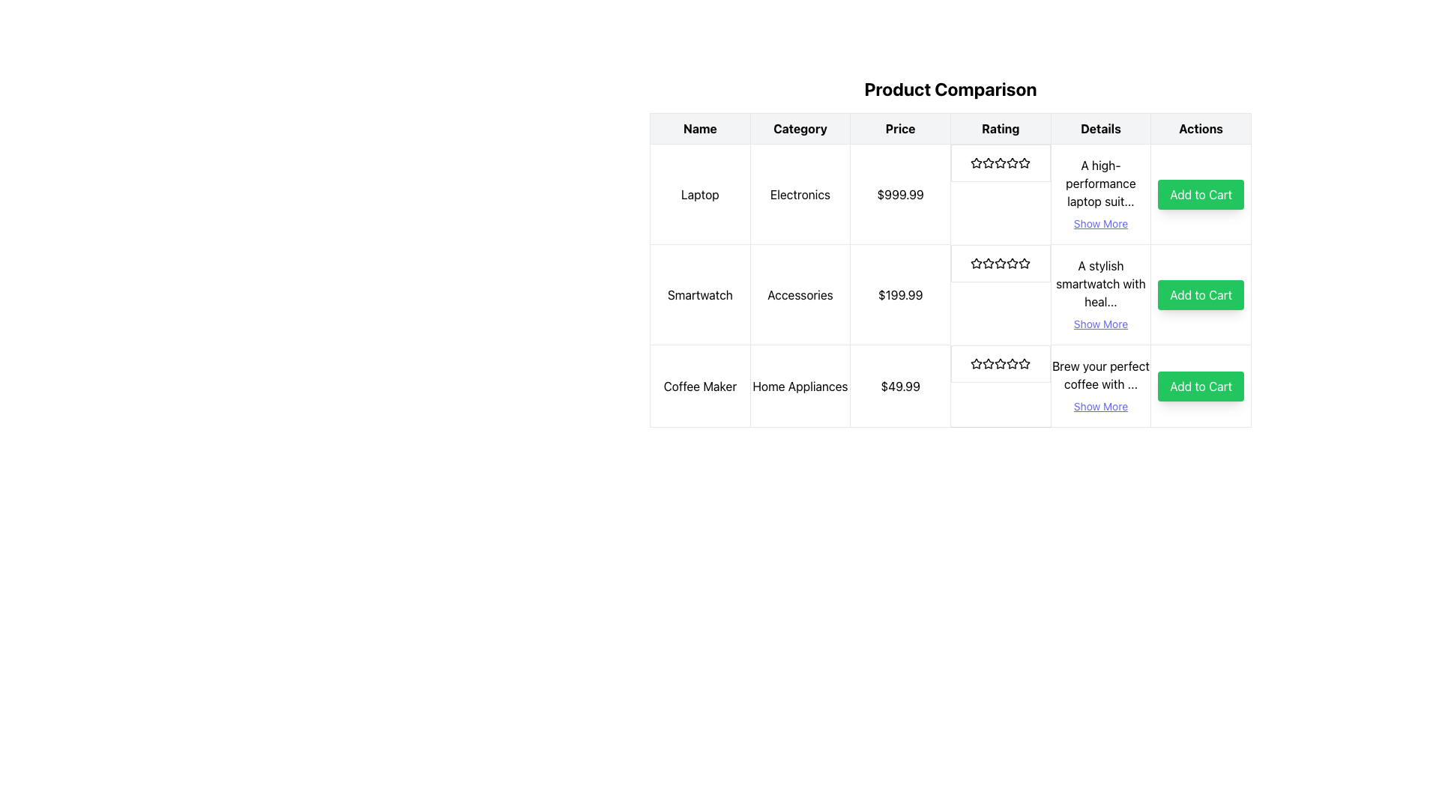 The height and width of the screenshot is (809, 1439). I want to click on the rating indication by focusing on the seventh star-shaped icon in the Rating column of the Coffee Maker row in the product comparison table, so click(1024, 363).